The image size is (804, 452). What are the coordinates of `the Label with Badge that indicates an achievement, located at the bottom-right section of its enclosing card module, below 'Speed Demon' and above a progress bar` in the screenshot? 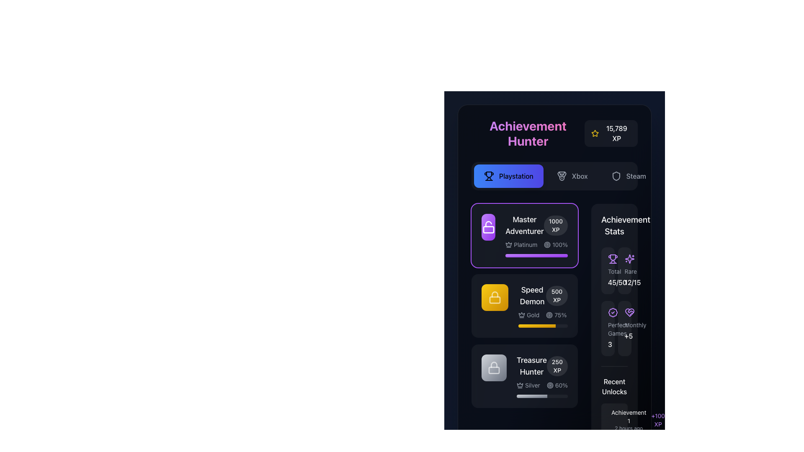 It's located at (542, 366).